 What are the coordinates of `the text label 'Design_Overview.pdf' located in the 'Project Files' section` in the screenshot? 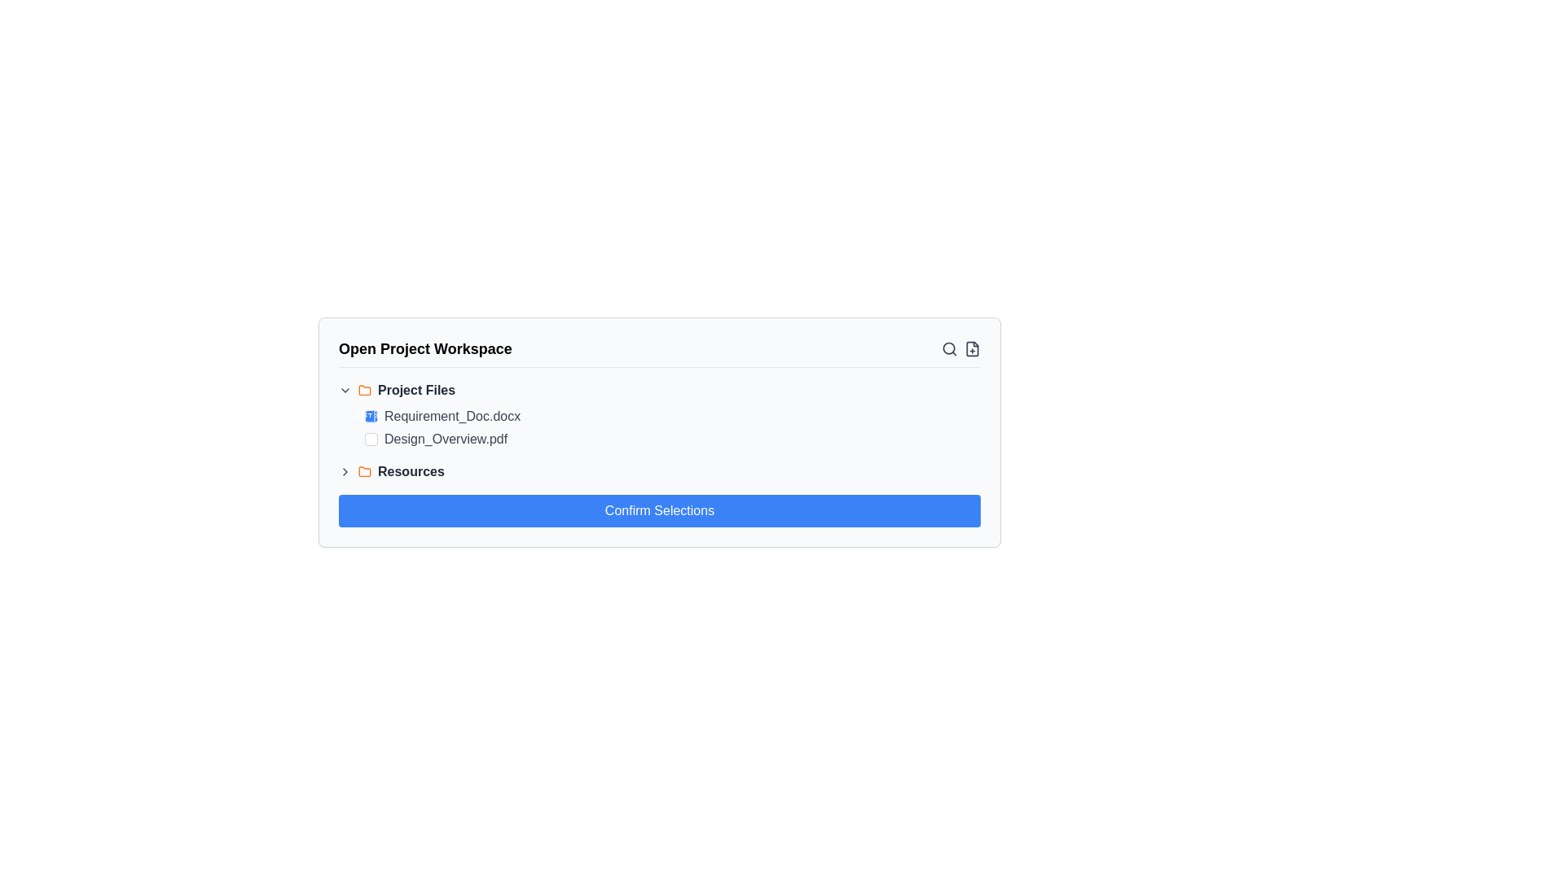 It's located at (446, 439).